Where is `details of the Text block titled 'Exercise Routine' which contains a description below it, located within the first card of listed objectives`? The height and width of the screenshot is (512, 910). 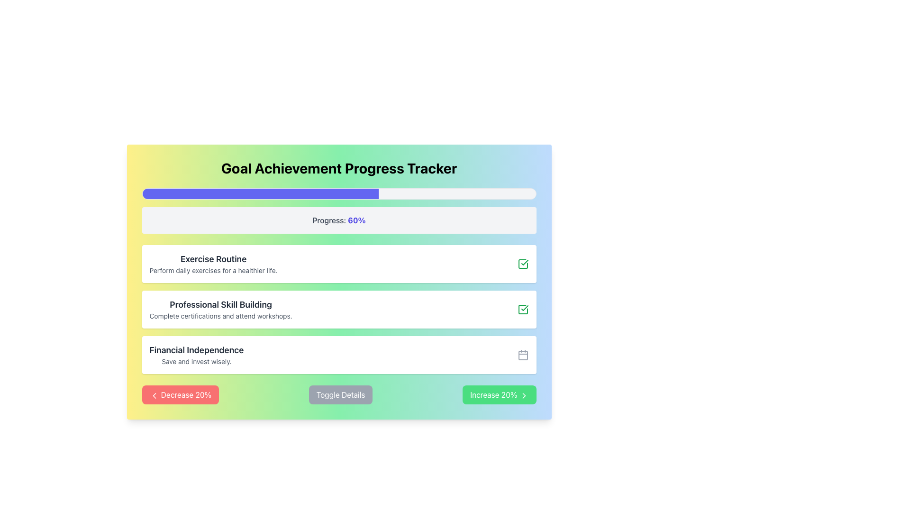
details of the Text block titled 'Exercise Routine' which contains a description below it, located within the first card of listed objectives is located at coordinates (213, 264).